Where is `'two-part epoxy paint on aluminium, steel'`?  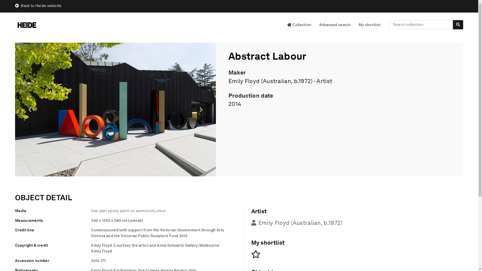
'two-part epoxy paint on aluminium, steel' is located at coordinates (128, 211).